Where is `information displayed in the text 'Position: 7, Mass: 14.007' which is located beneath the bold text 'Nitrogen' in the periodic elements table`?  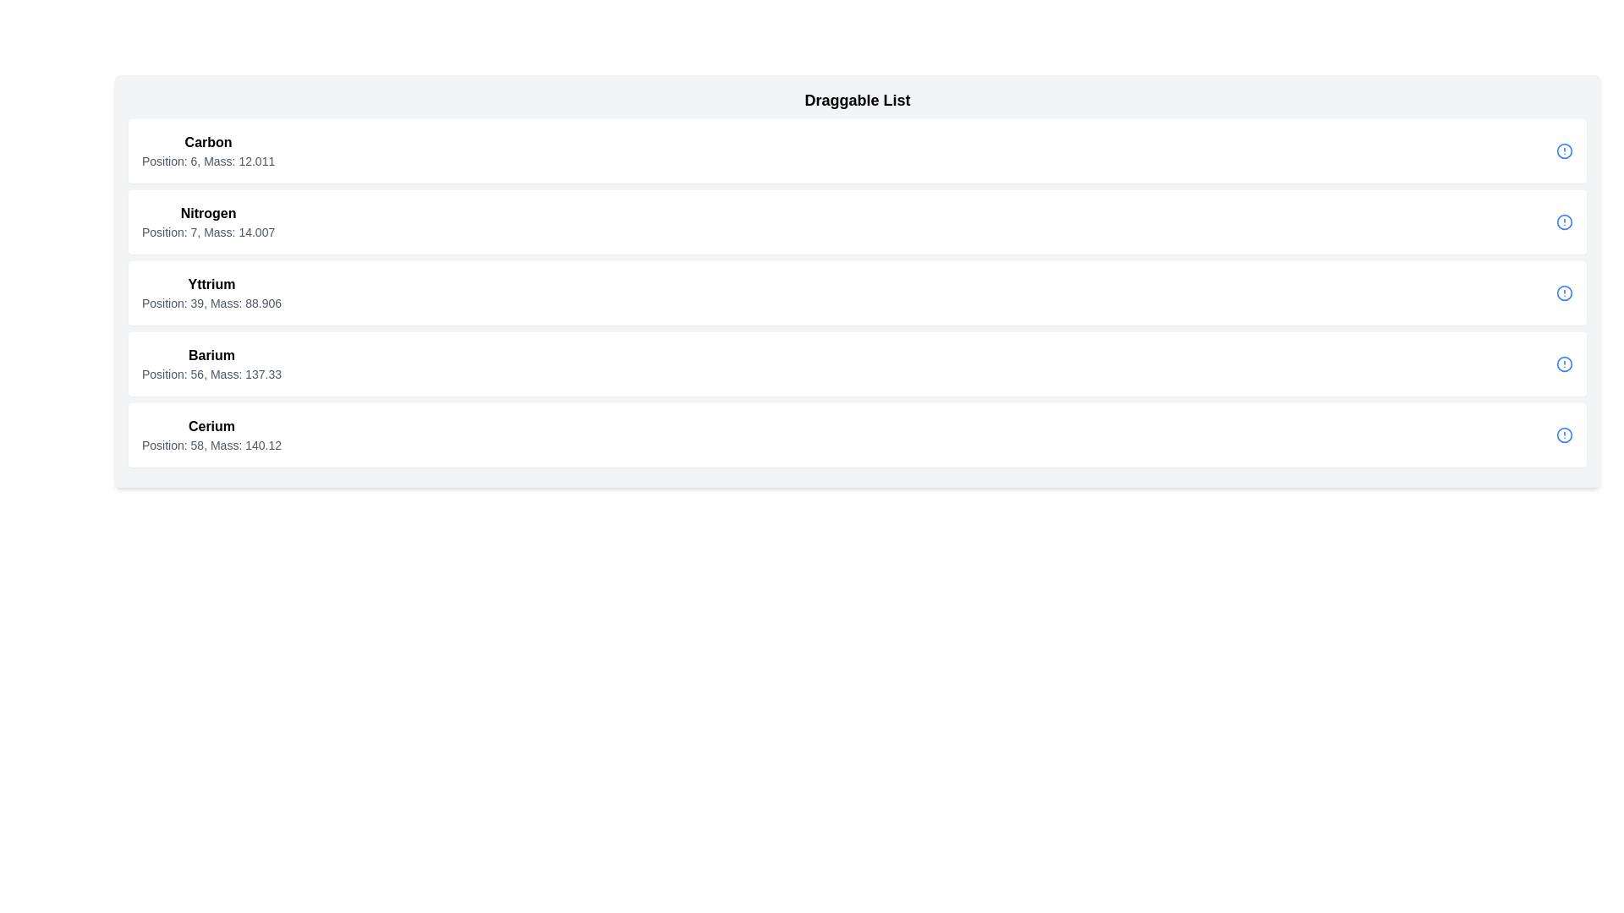
information displayed in the text 'Position: 7, Mass: 14.007' which is located beneath the bold text 'Nitrogen' in the periodic elements table is located at coordinates (207, 232).